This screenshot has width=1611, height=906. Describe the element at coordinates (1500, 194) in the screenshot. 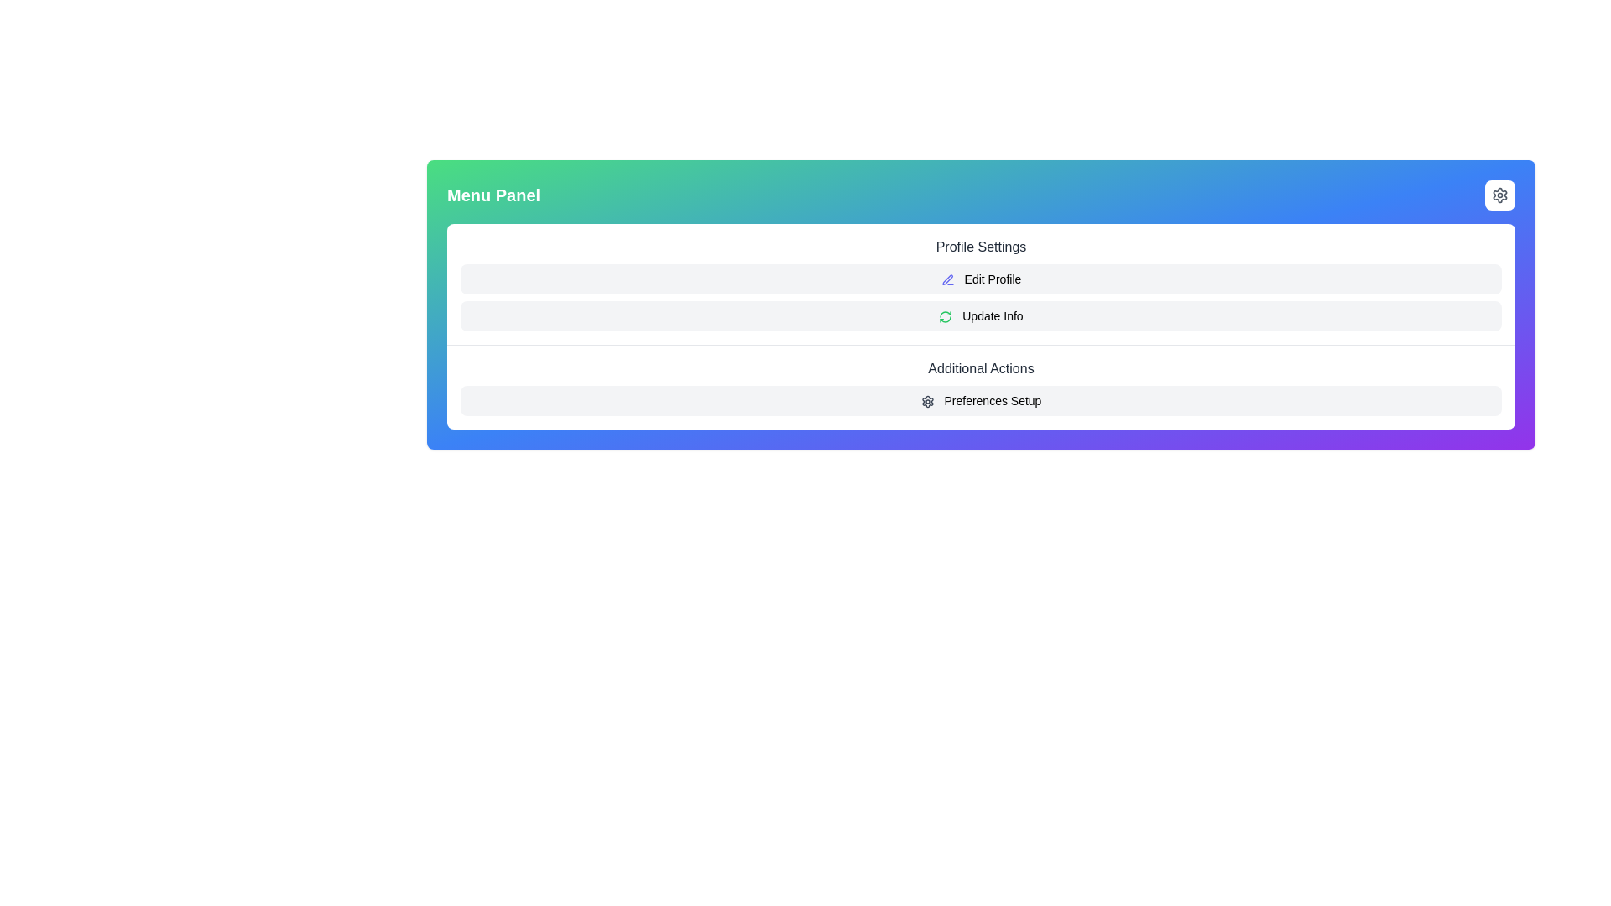

I see `the settings SVG icon located in the top-right corner of the menu panel interface` at that location.